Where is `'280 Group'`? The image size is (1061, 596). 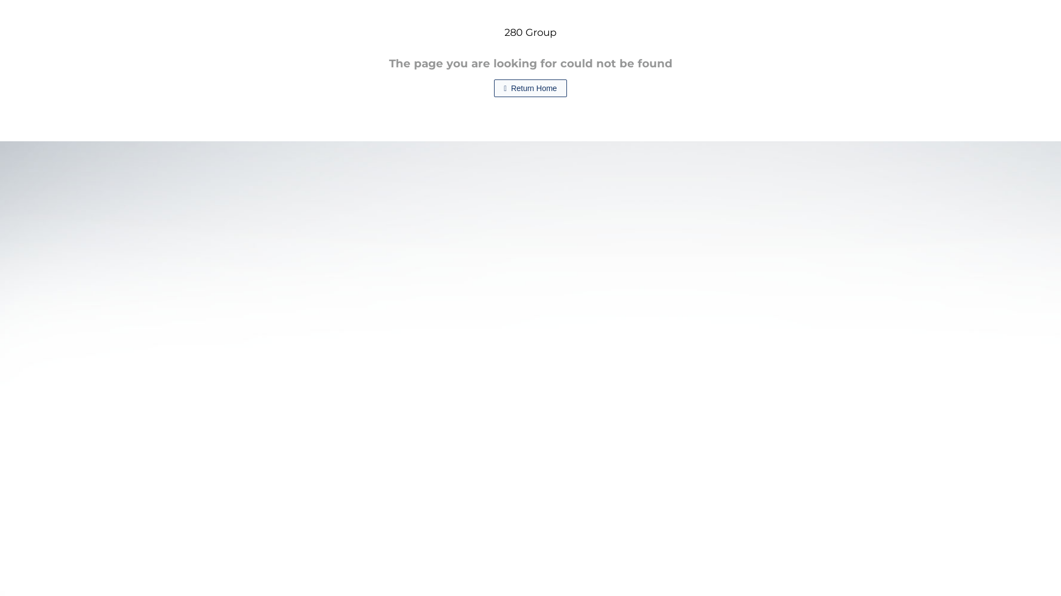 '280 Group' is located at coordinates (530, 32).